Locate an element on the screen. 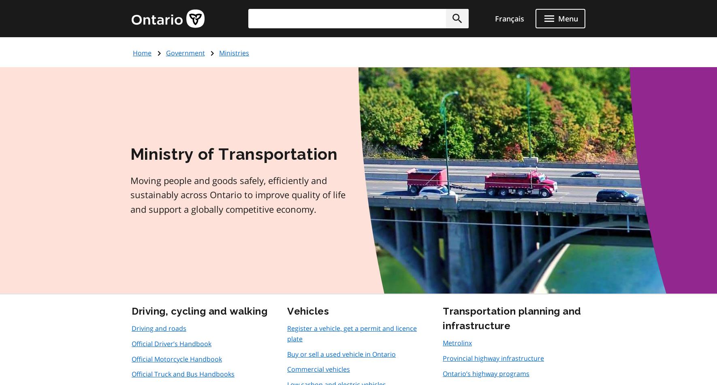 This screenshot has height=385, width=717. 'Ministries' is located at coordinates (234, 53).